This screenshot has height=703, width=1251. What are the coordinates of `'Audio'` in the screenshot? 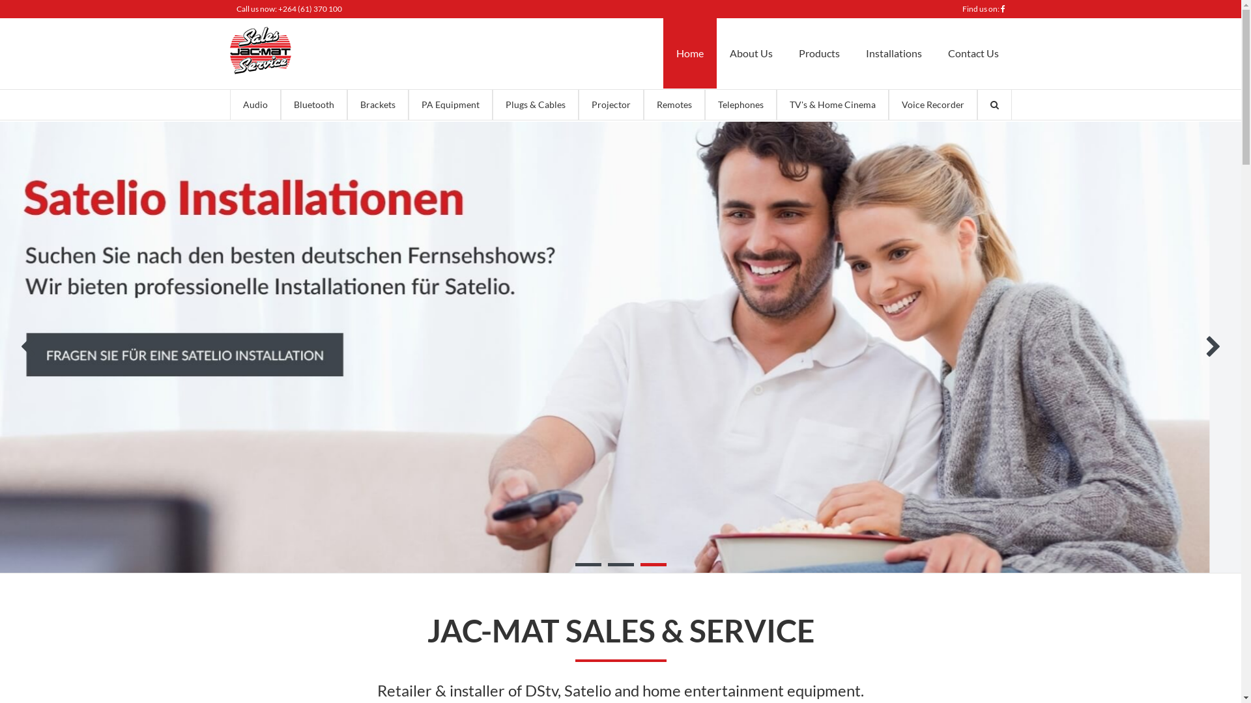 It's located at (254, 104).